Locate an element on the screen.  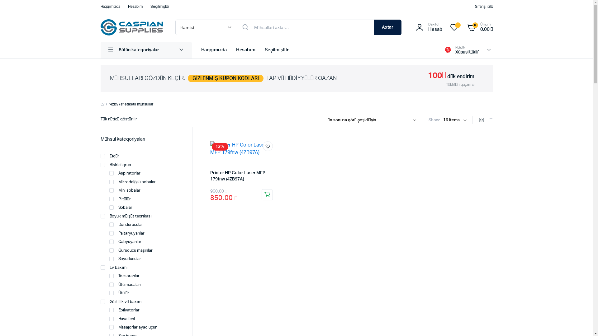
'Ev' is located at coordinates (102, 104).